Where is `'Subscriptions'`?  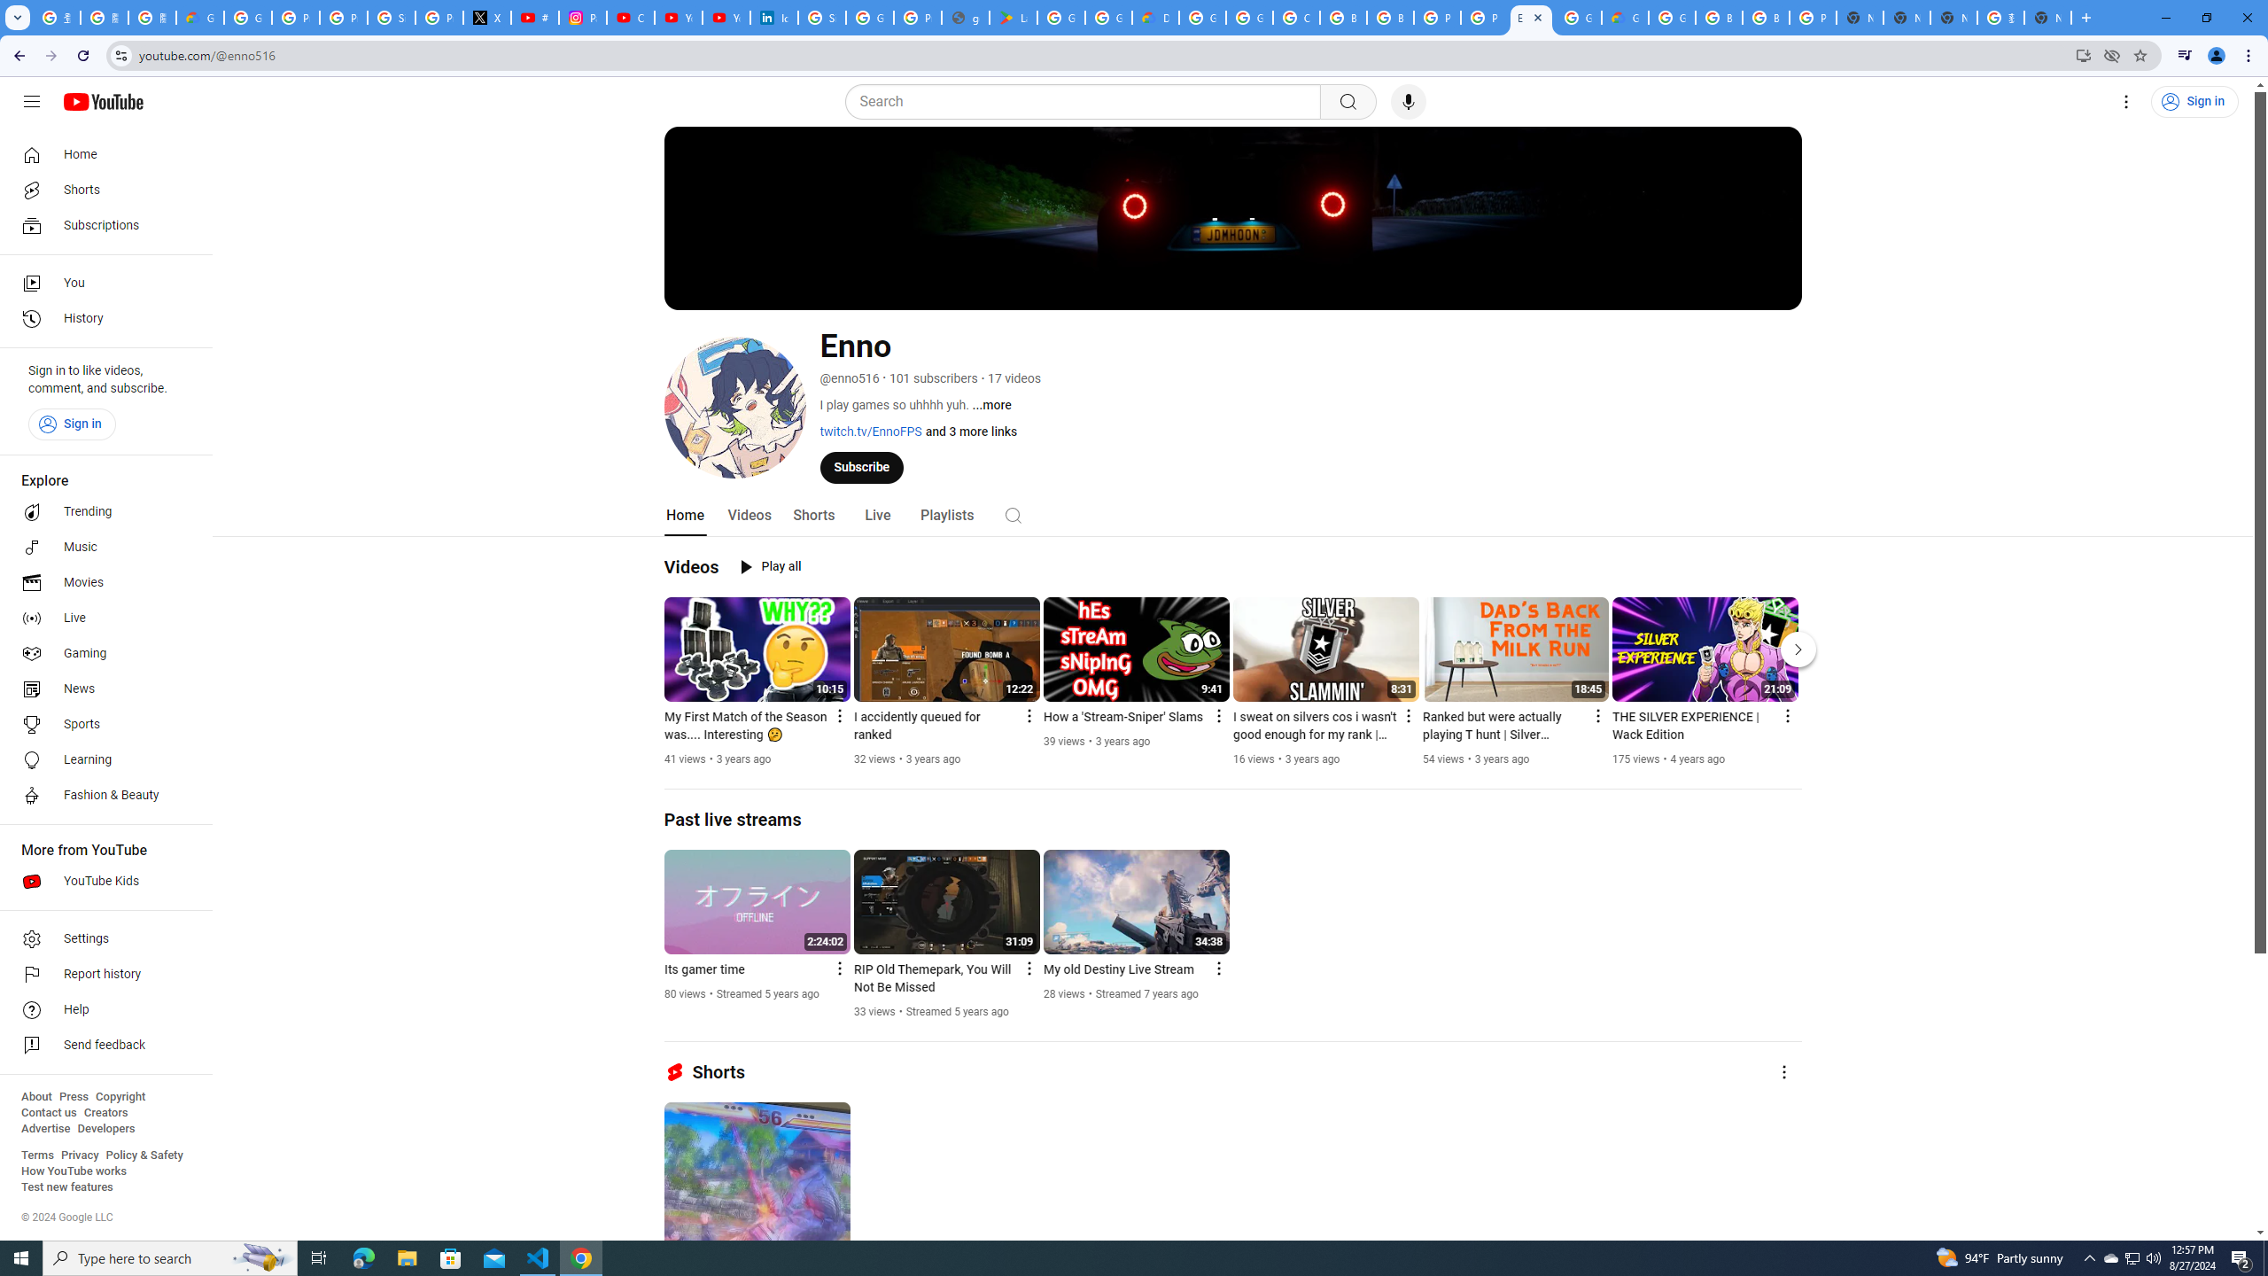 'Subscriptions' is located at coordinates (100, 224).